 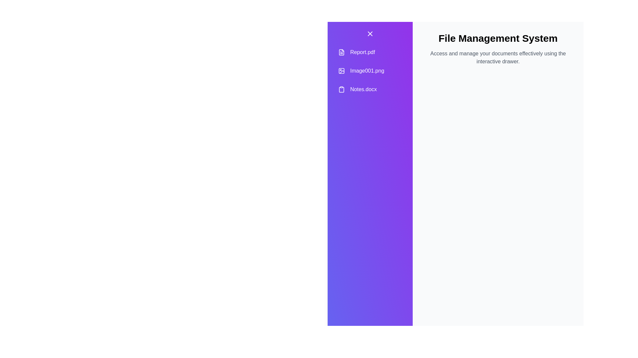 I want to click on the document name Image001.png to select or highlight it, so click(x=370, y=71).